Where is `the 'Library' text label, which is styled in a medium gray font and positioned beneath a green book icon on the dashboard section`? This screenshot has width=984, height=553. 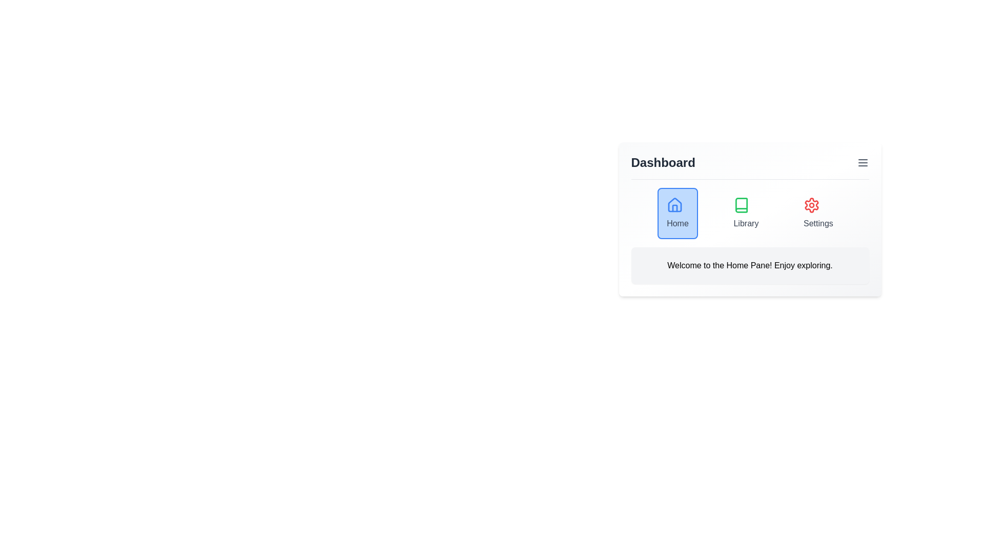
the 'Library' text label, which is styled in a medium gray font and positioned beneath a green book icon on the dashboard section is located at coordinates (746, 223).